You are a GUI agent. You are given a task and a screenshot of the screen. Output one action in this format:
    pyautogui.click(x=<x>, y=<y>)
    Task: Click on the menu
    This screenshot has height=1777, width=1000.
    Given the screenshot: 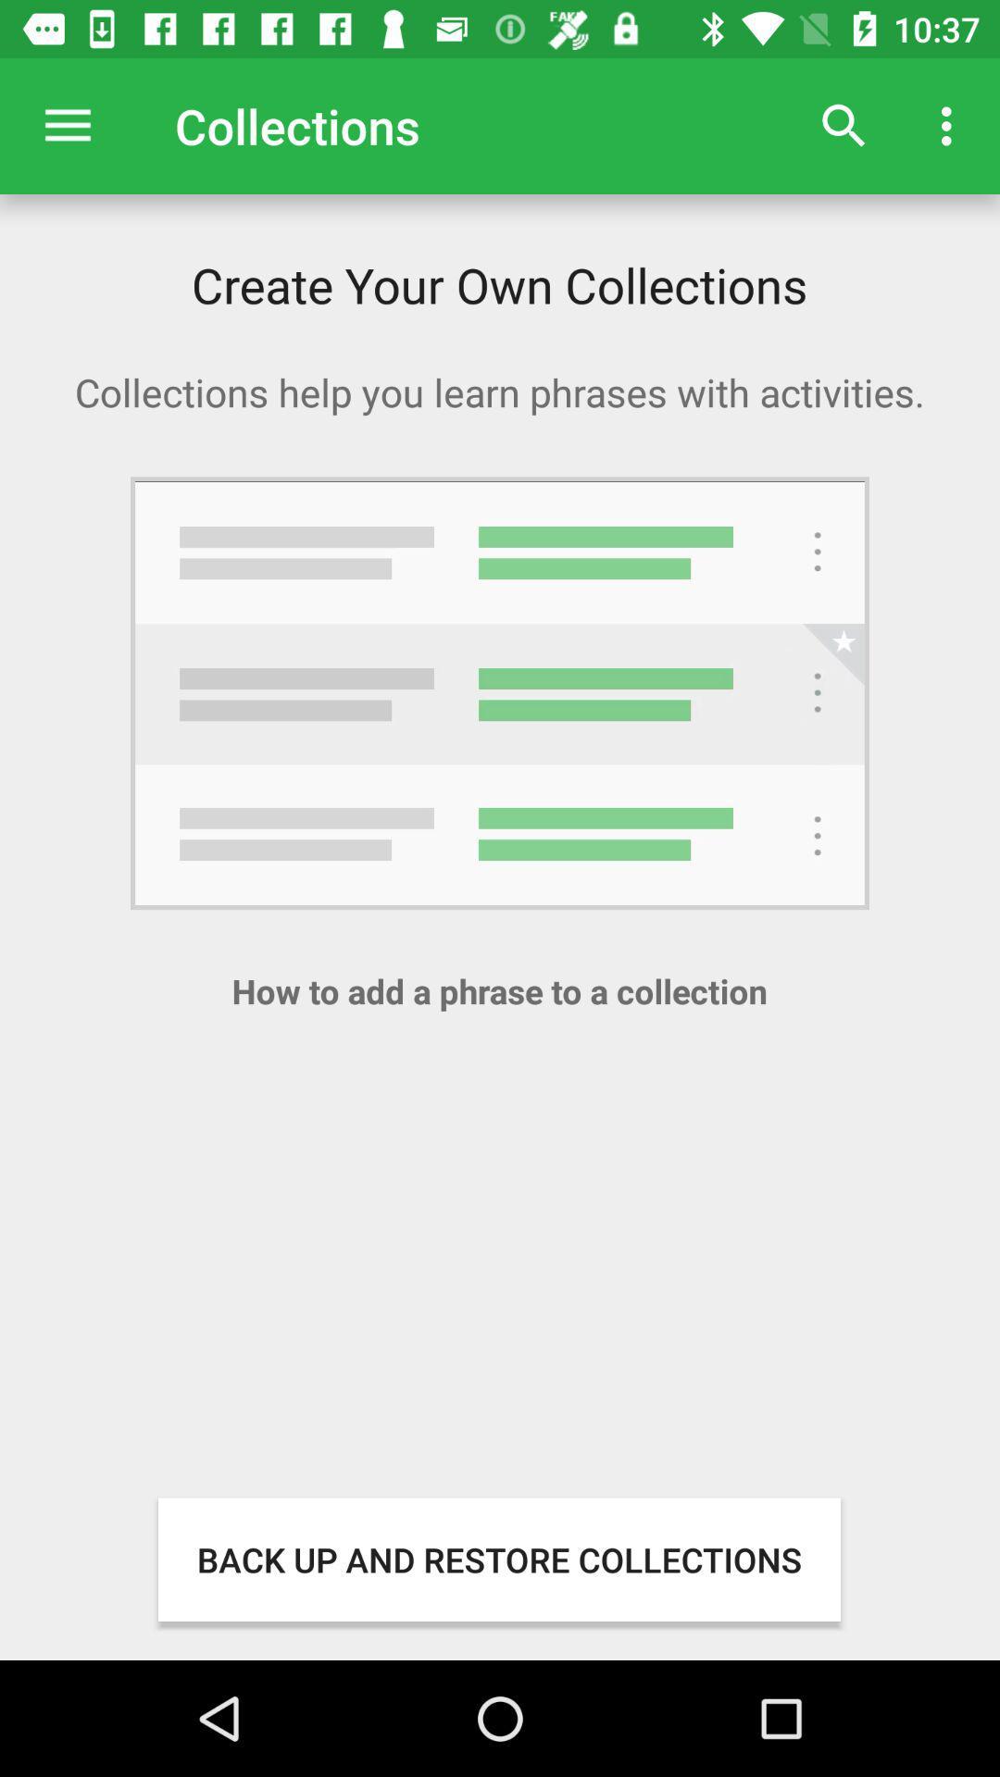 What is the action you would take?
    pyautogui.click(x=67, y=125)
    